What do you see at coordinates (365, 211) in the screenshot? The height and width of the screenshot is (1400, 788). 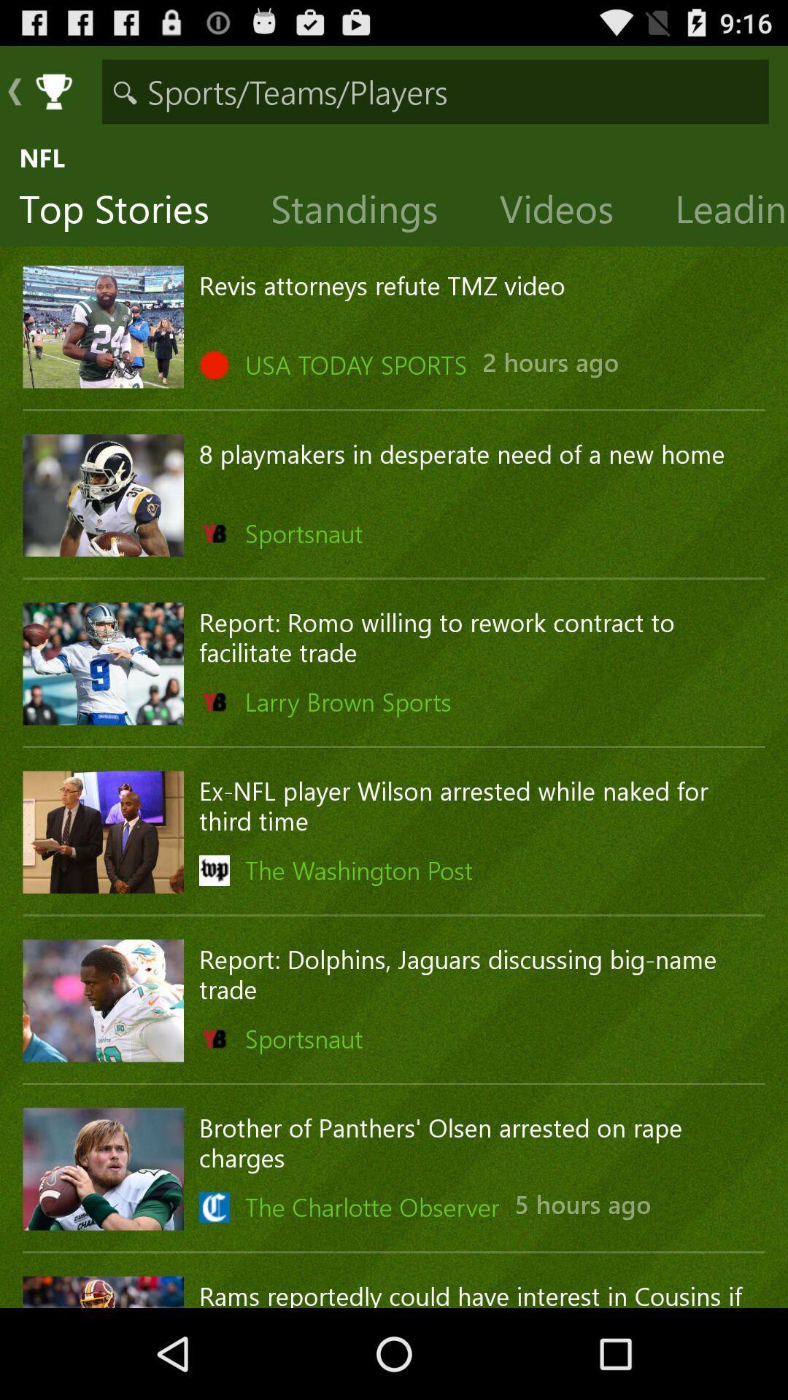 I see `the icon below the nfl` at bounding box center [365, 211].